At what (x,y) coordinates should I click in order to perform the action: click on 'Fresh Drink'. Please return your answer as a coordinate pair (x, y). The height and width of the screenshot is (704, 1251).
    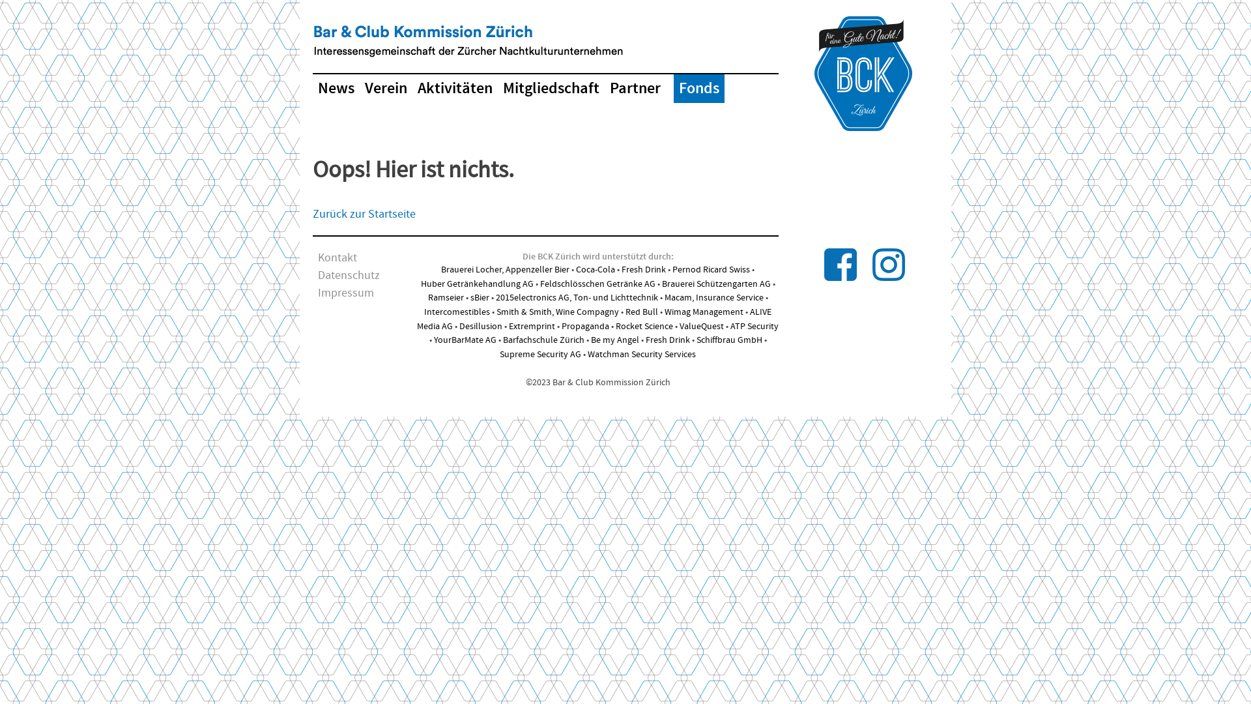
    Looking at the image, I should click on (644, 269).